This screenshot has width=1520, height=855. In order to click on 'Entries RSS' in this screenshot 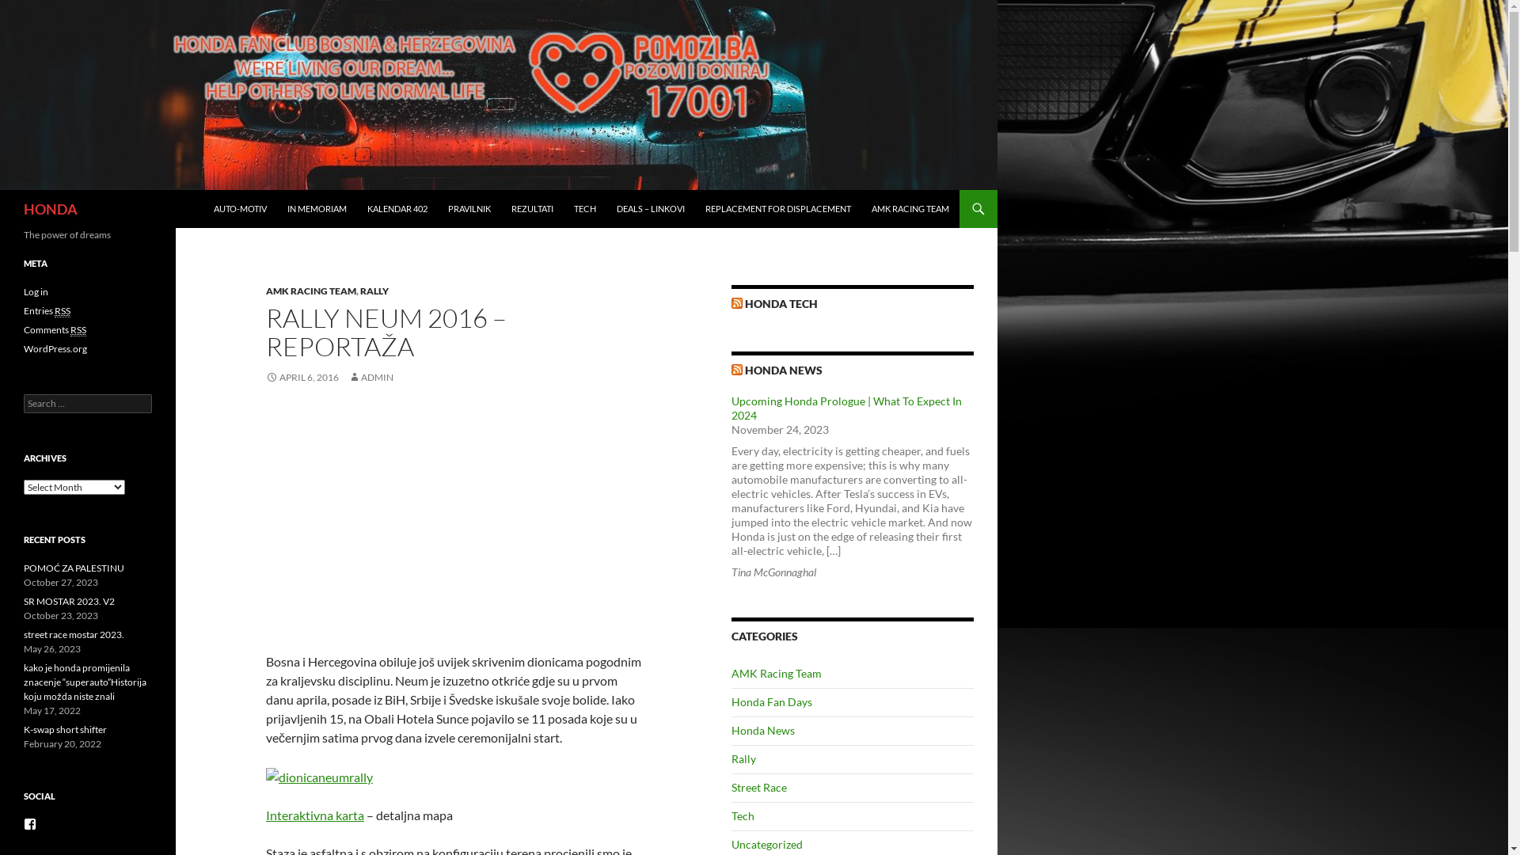, I will do `click(47, 311)`.